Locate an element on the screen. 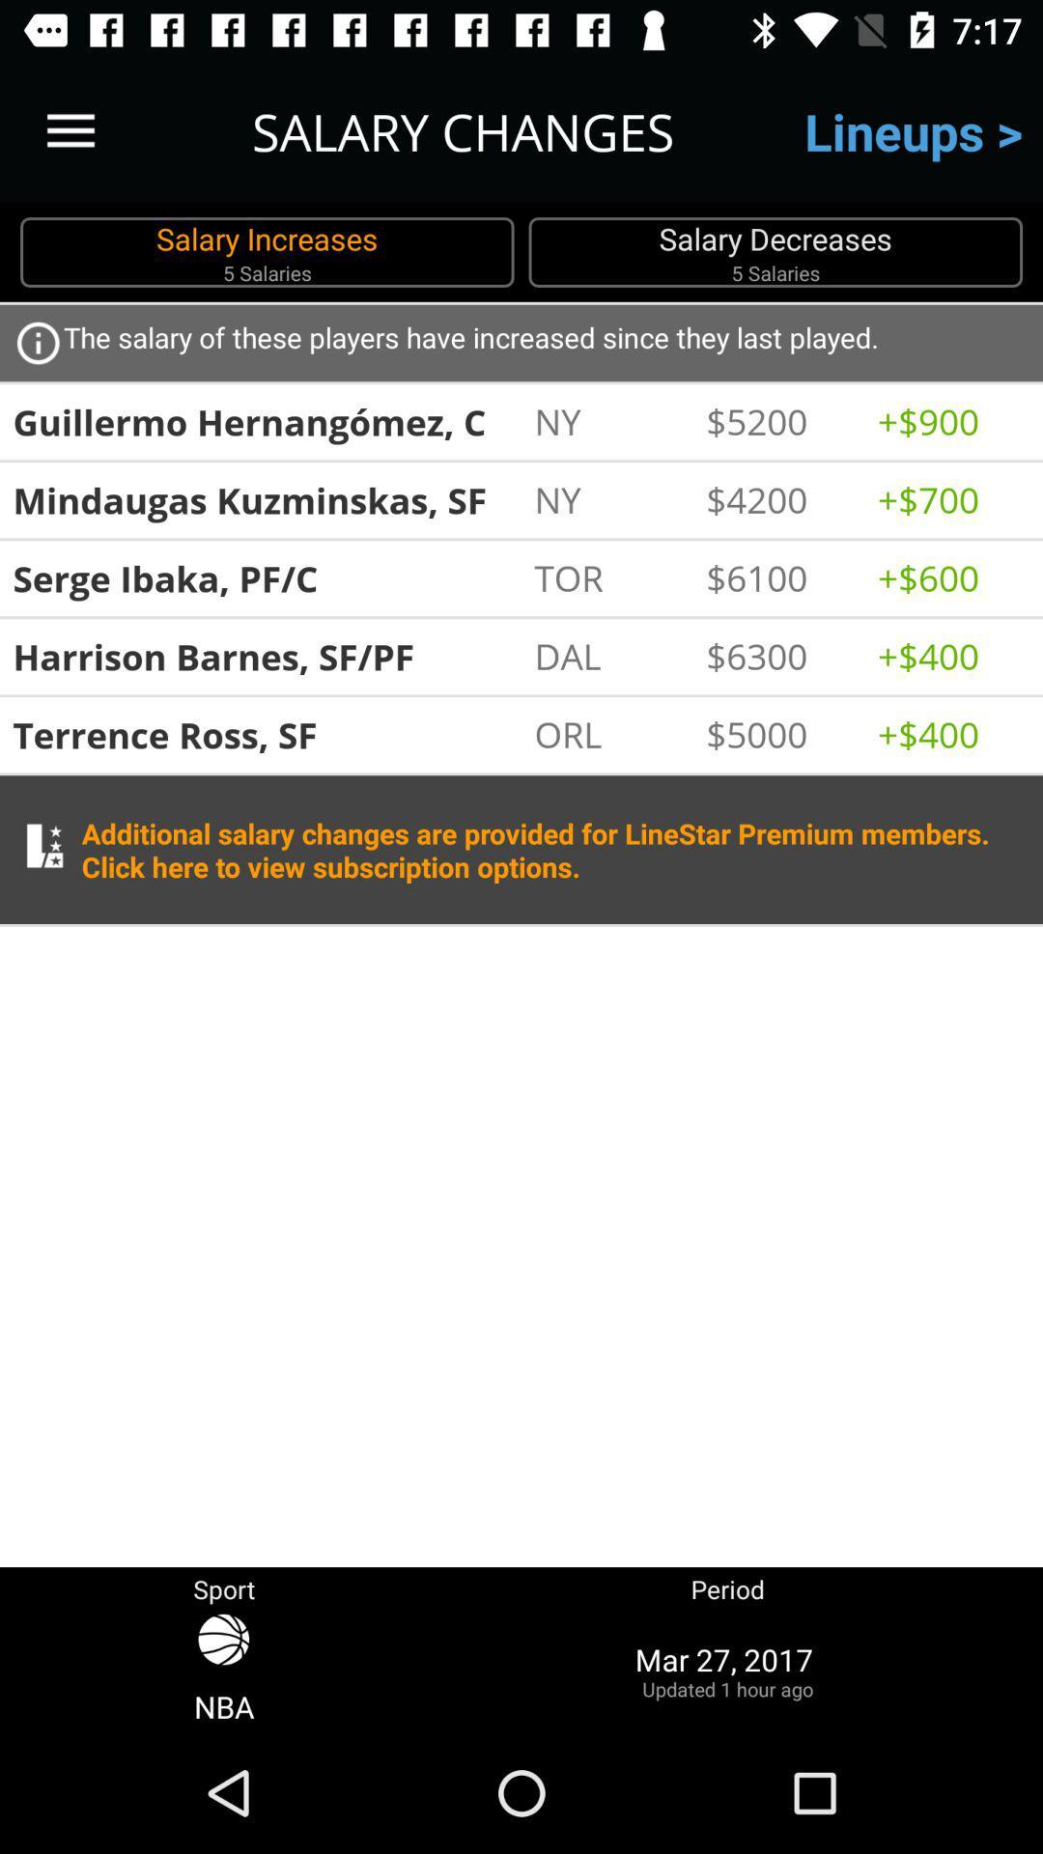 This screenshot has height=1854, width=1043. the item above $6100 icon is located at coordinates (780, 499).